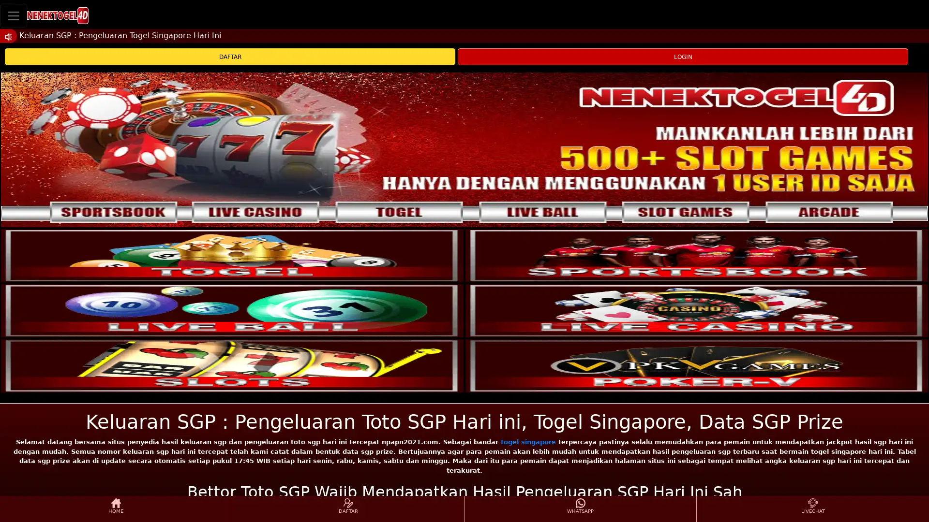 Image resolution: width=929 pixels, height=522 pixels. Describe the element at coordinates (229, 57) in the screenshot. I see `DAFTAR` at that location.